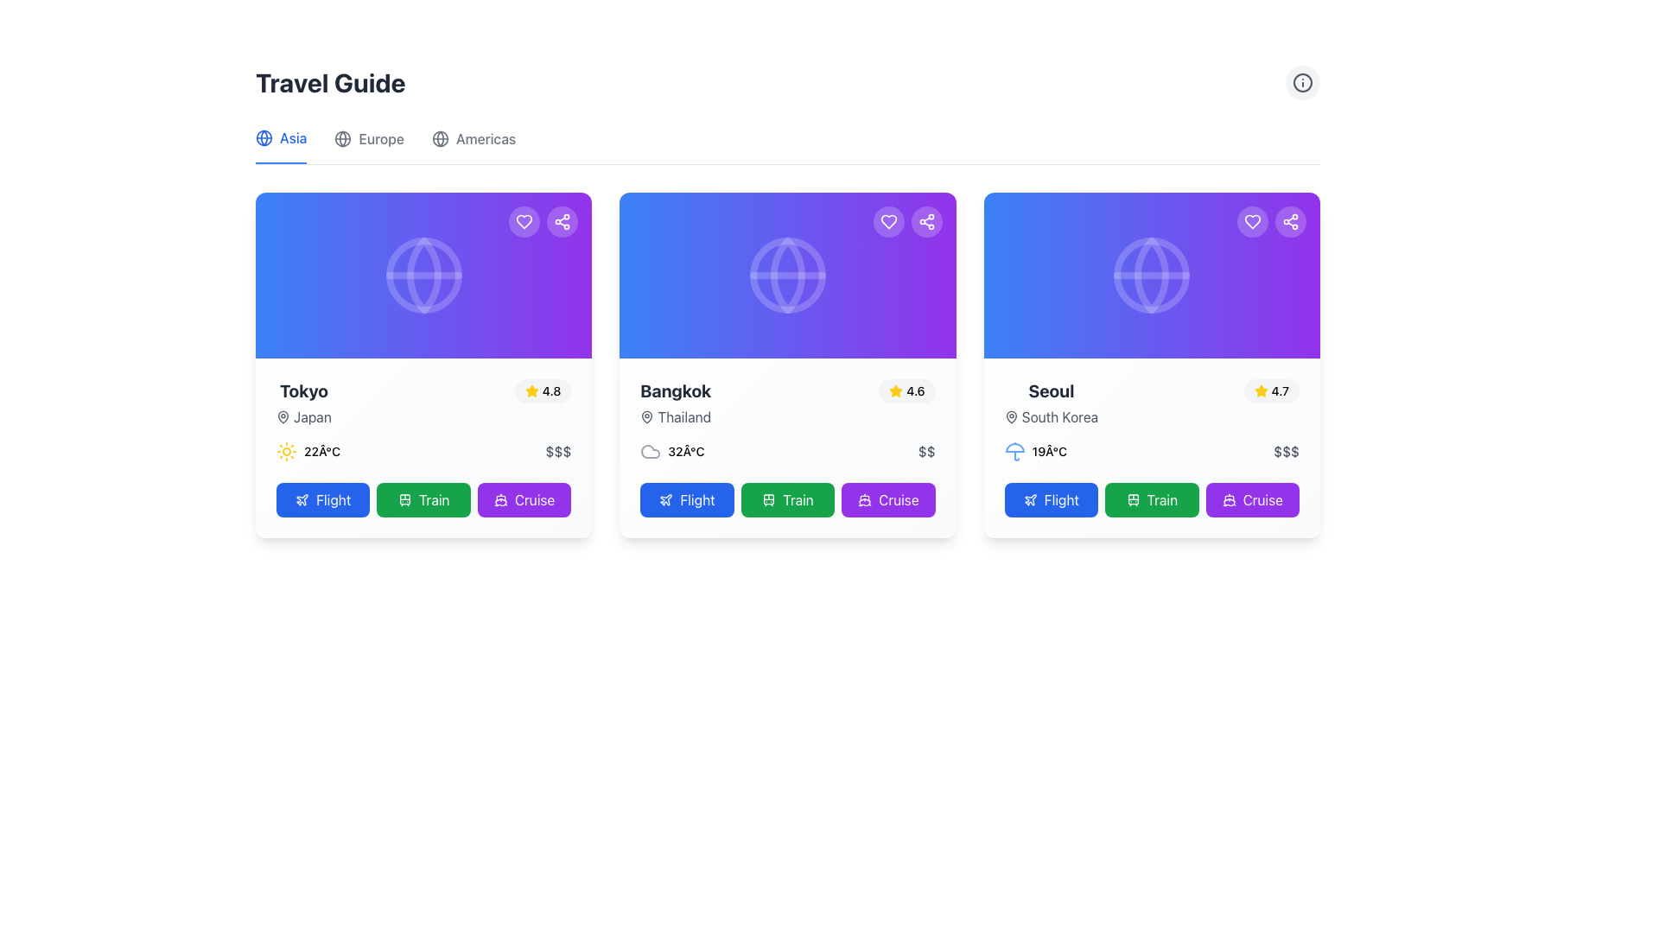 The height and width of the screenshot is (933, 1659). Describe the element at coordinates (925, 221) in the screenshot. I see `the share button located in the upper-right corner of the 'Bangkok' card` at that location.